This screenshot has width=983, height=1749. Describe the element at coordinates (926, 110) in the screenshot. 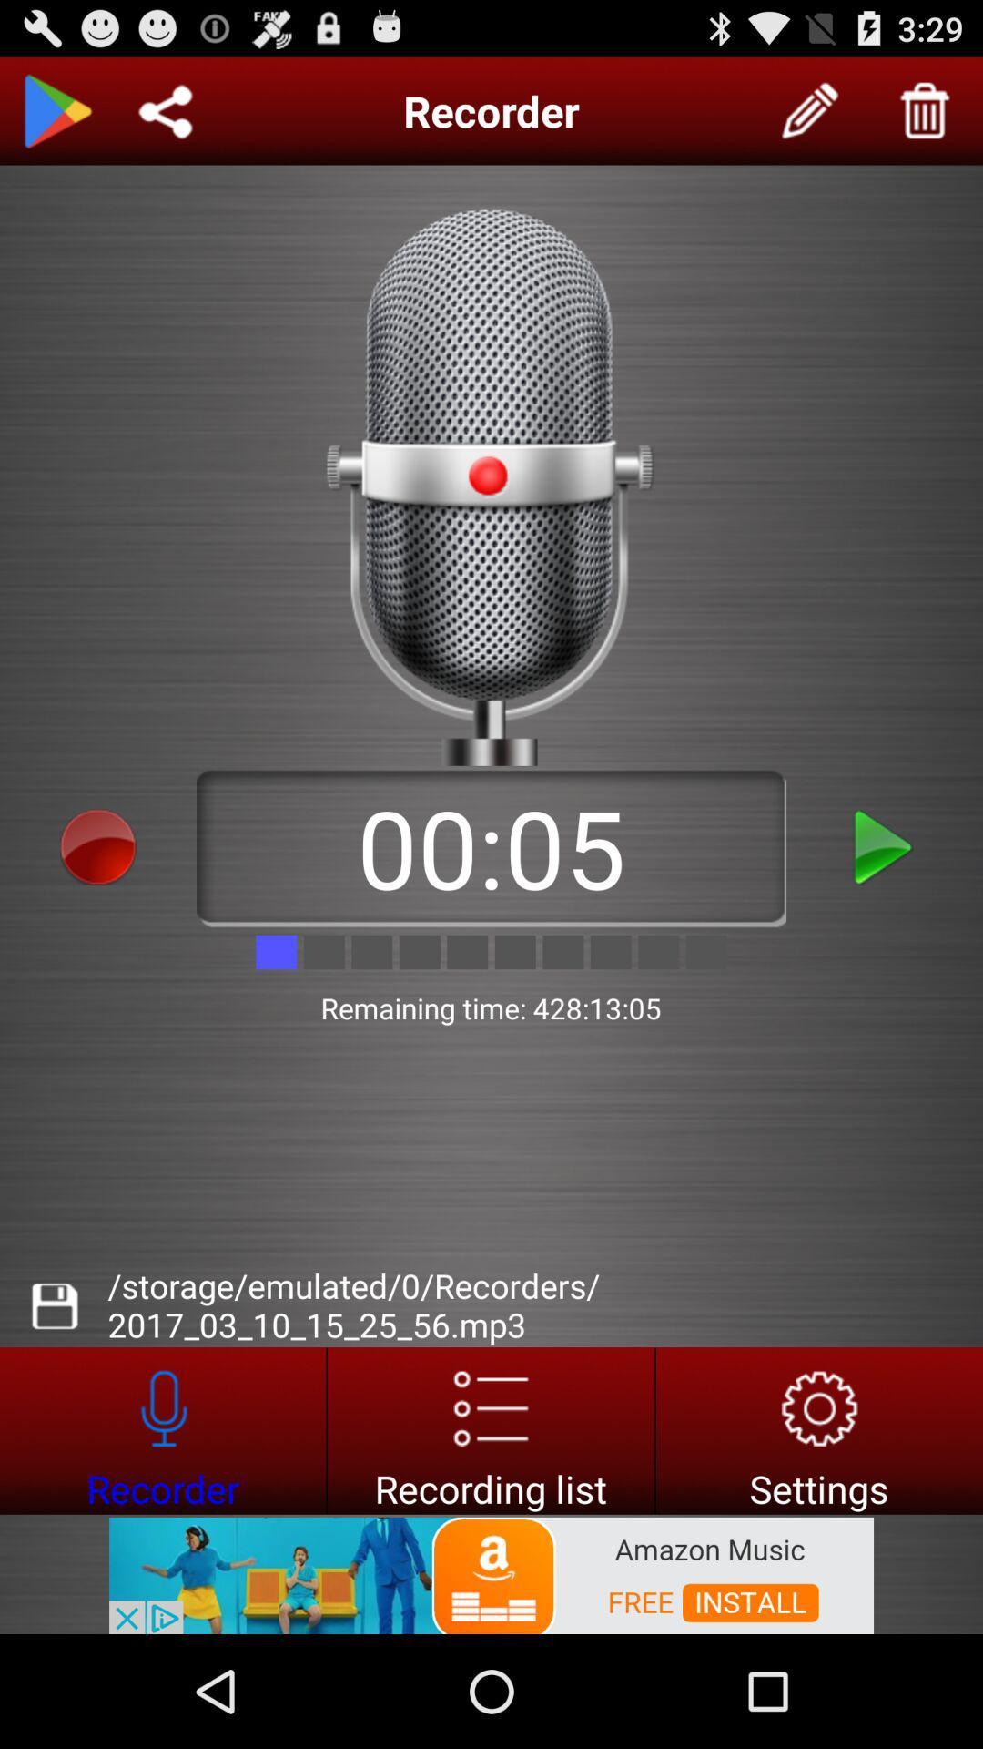

I see `delete this record` at that location.